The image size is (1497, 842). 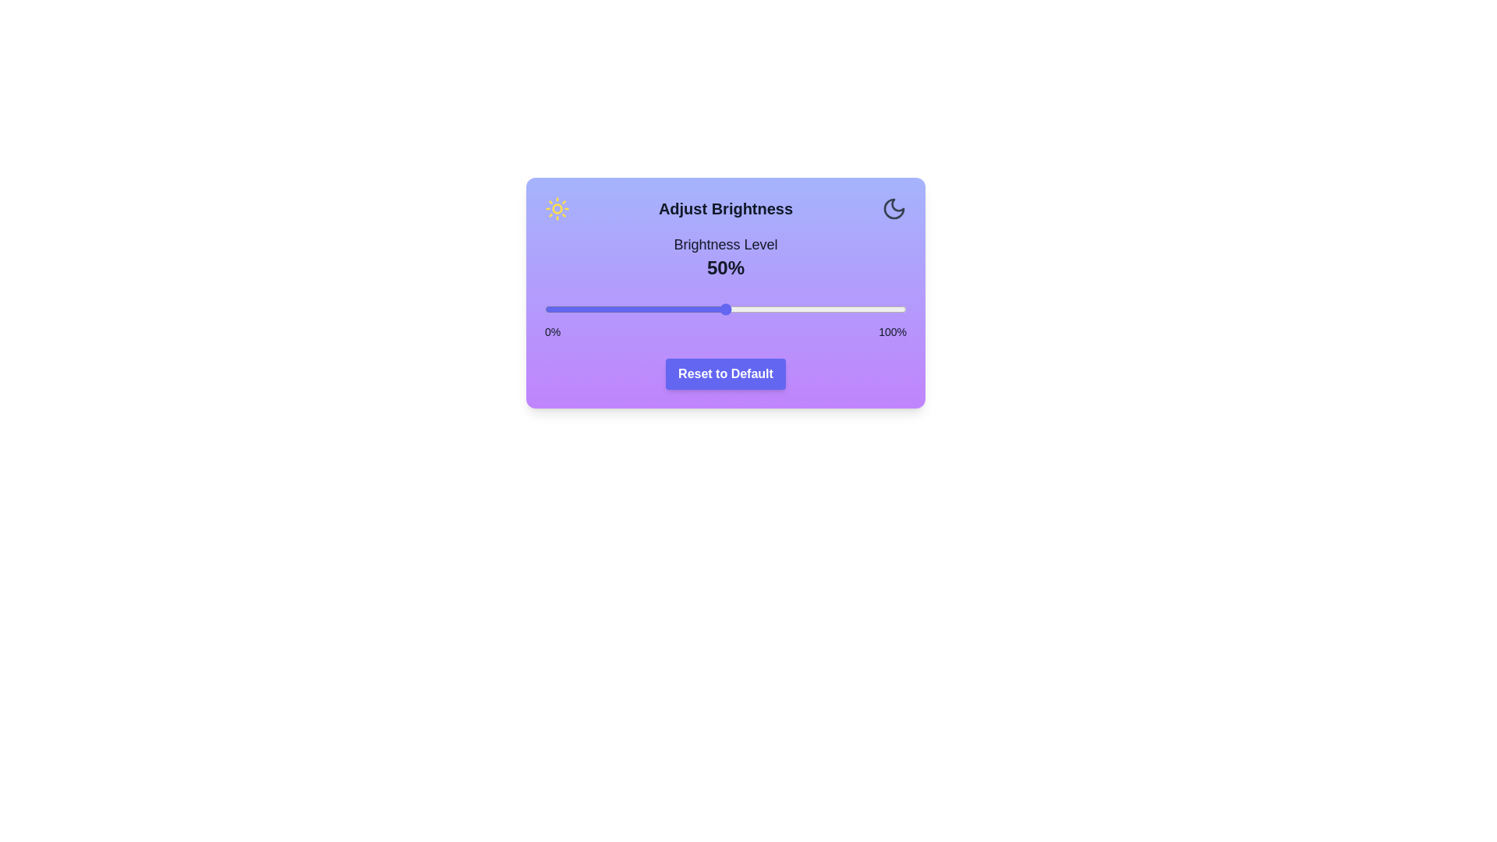 What do you see at coordinates (545, 310) in the screenshot?
I see `the brightness slider to 0%` at bounding box center [545, 310].